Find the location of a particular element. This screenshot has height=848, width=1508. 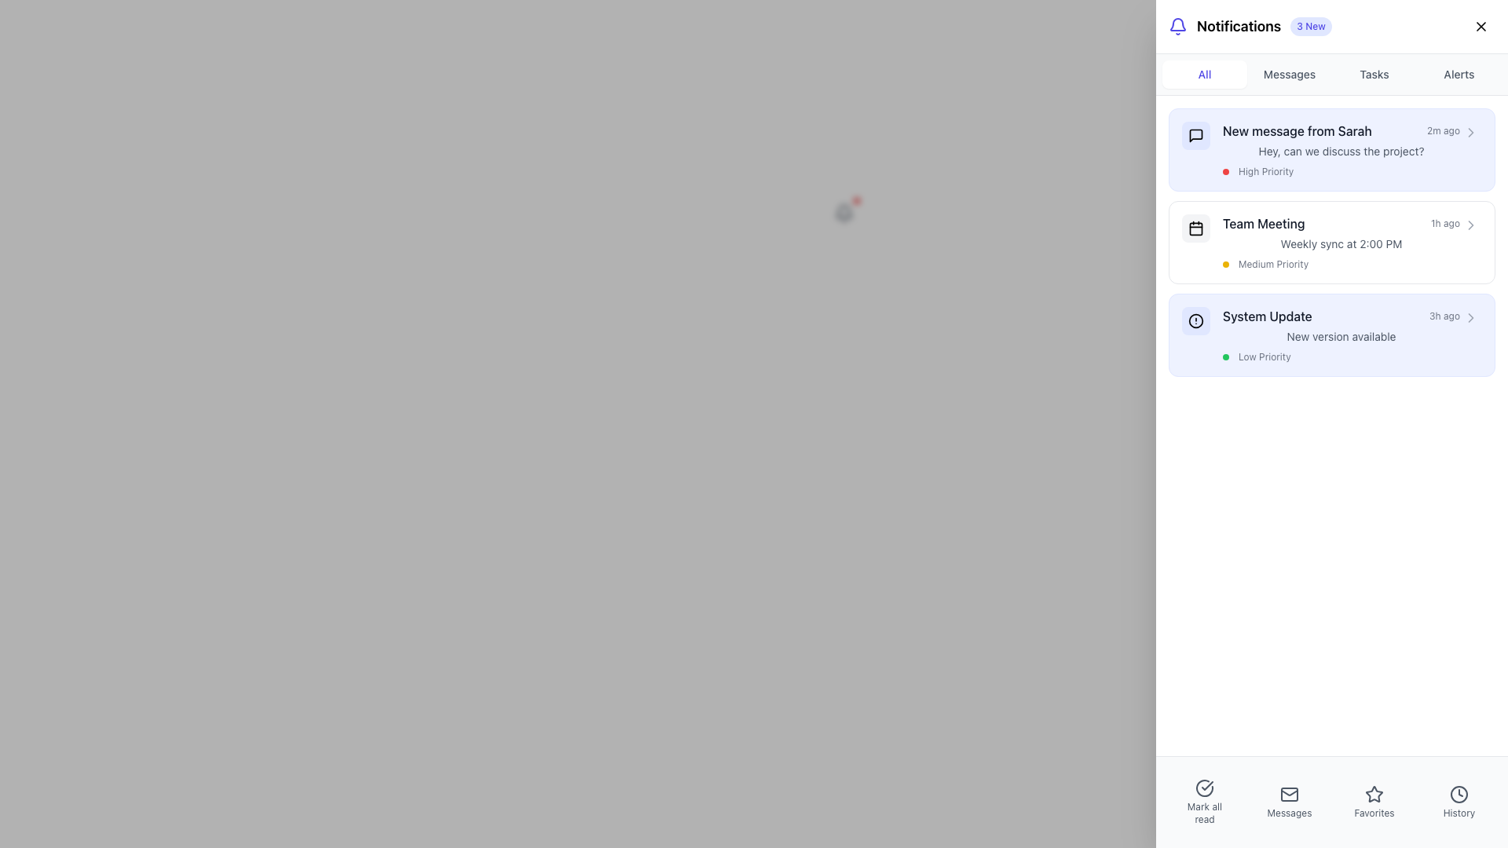

the Text Label indicating the purpose of the 'Favorites' button located in the bottom navigation bar is located at coordinates (1374, 813).